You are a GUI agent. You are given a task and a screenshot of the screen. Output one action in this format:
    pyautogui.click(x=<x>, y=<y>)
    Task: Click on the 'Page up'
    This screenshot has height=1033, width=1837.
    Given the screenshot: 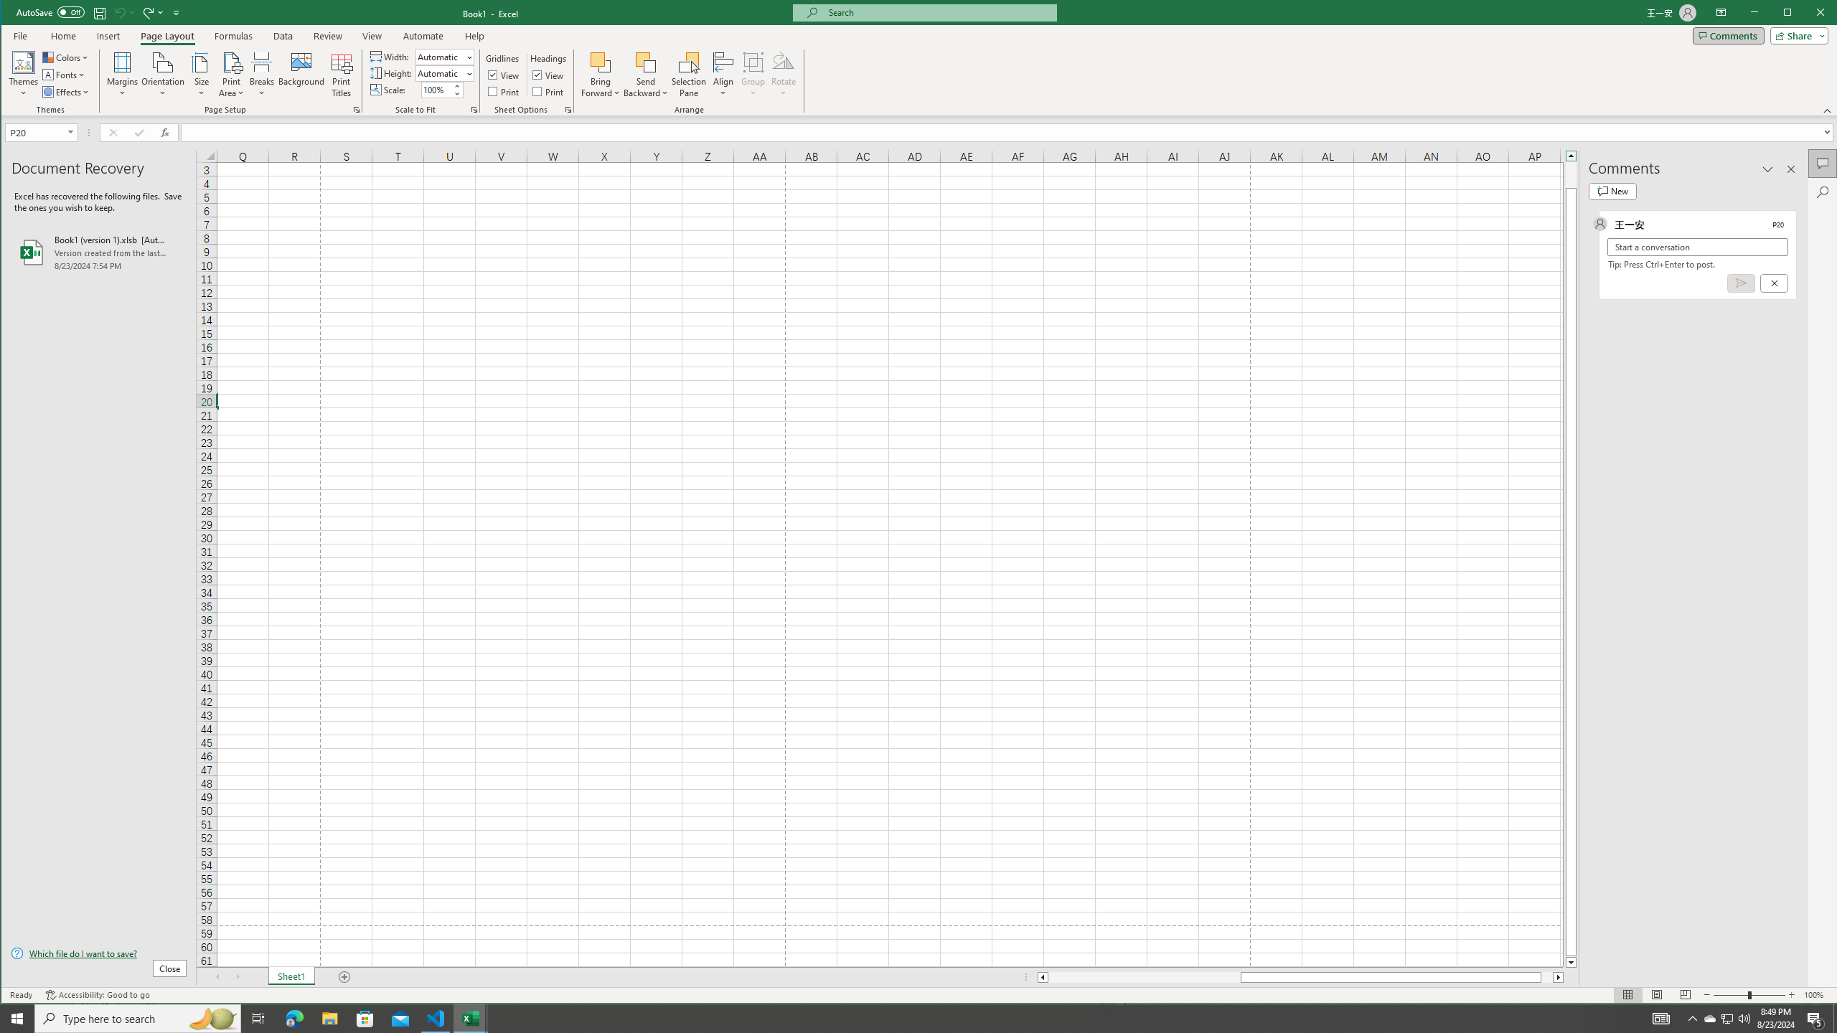 What is the action you would take?
    pyautogui.click(x=1571, y=174)
    